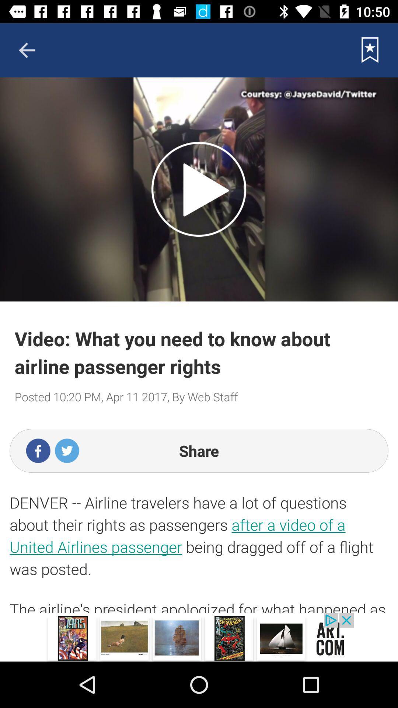  Describe the element at coordinates (370, 50) in the screenshot. I see `bookmark video` at that location.